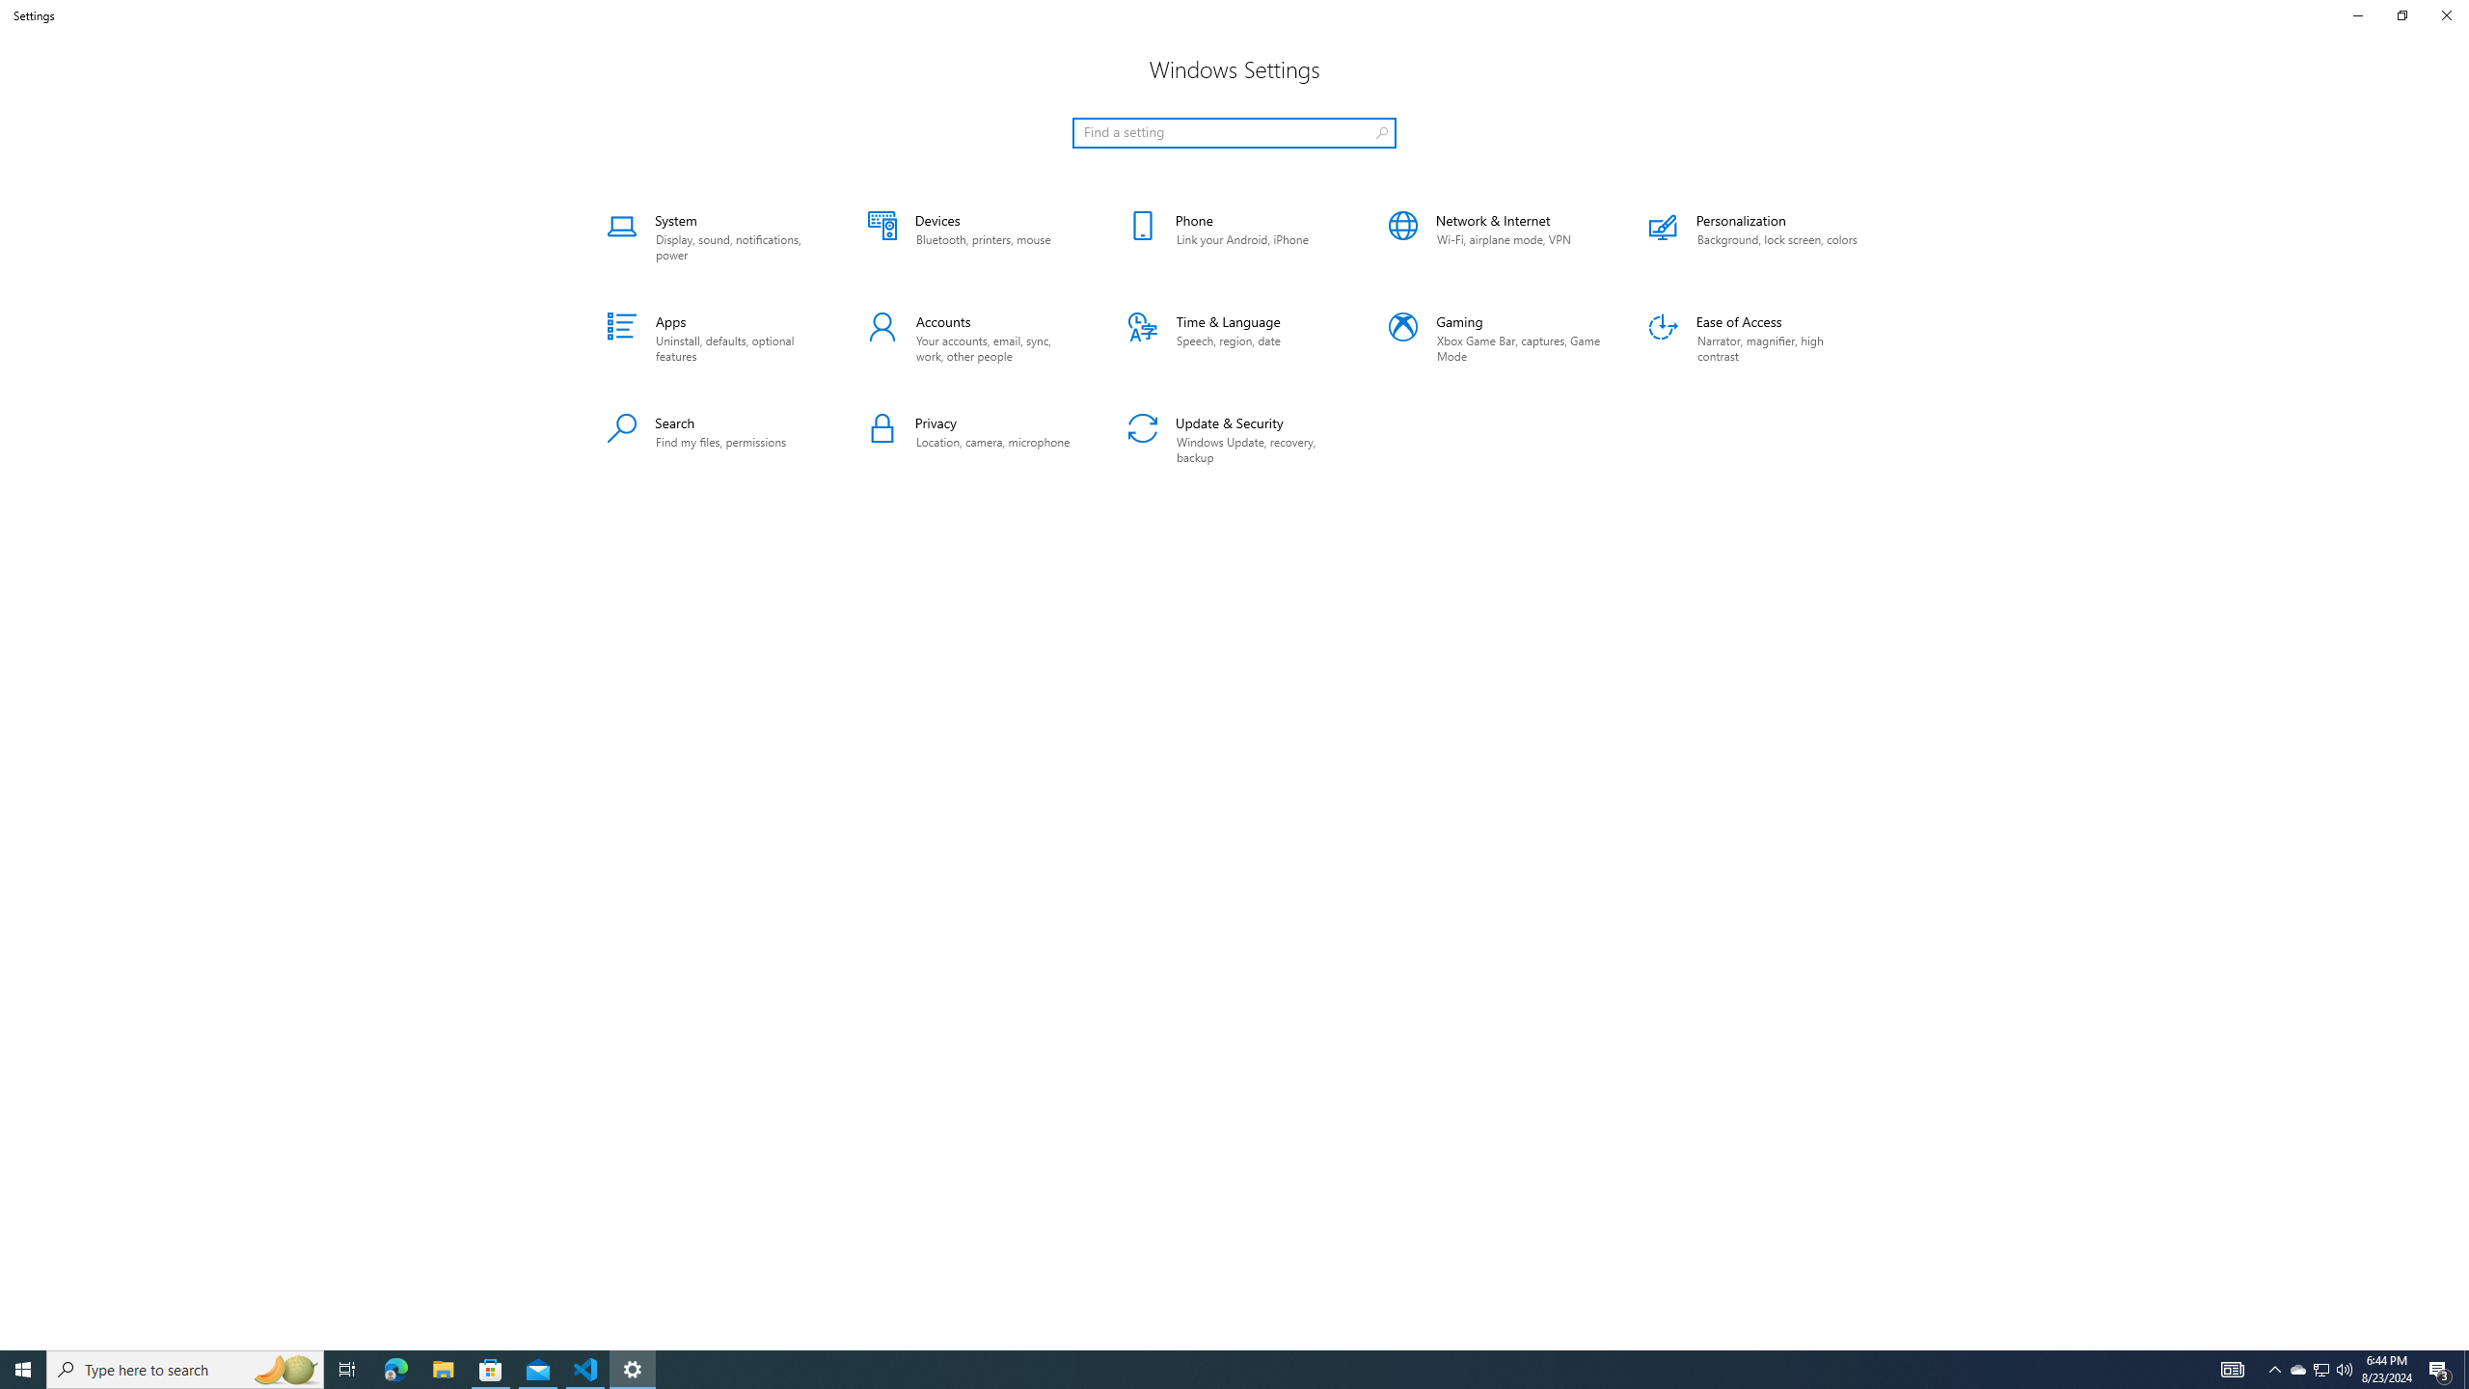 The height and width of the screenshot is (1389, 2469). Describe the element at coordinates (972, 340) in the screenshot. I see `'Accounts'` at that location.